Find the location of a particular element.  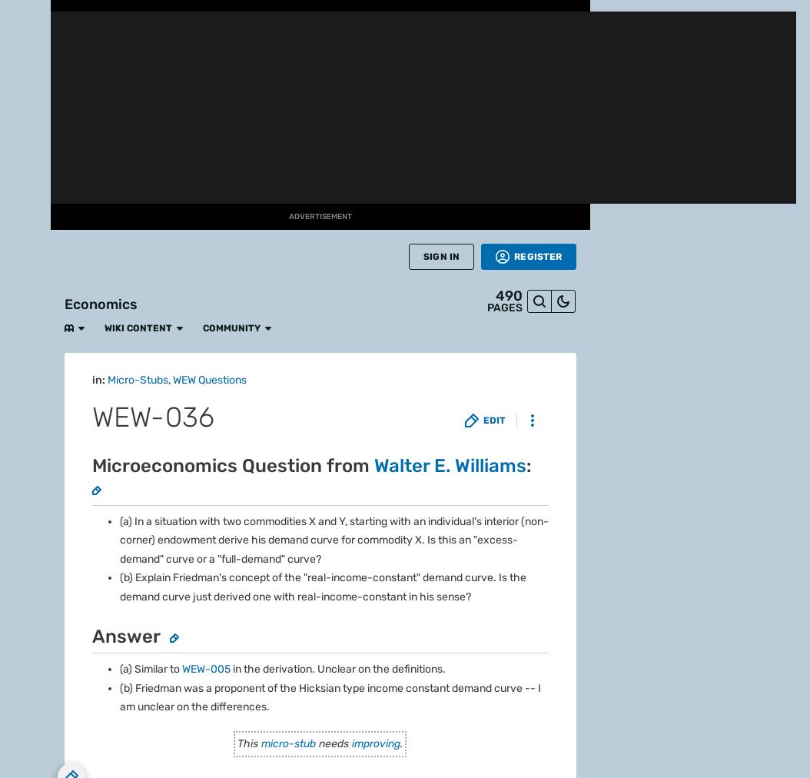

'Movies' is located at coordinates (25, 330).